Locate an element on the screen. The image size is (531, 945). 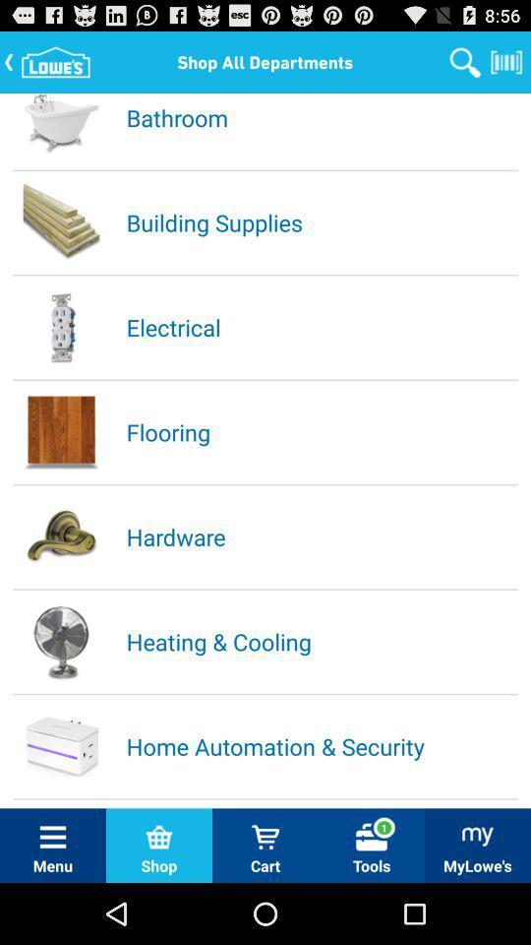
icon above the hardware icon is located at coordinates (321, 431).